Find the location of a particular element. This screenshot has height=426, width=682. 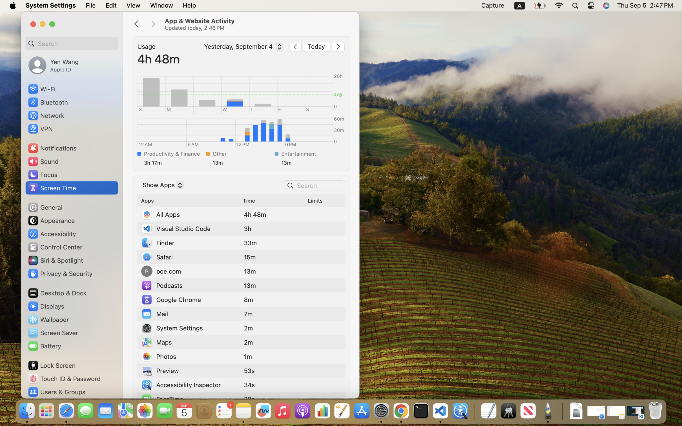

'Bluetooth' is located at coordinates (48, 102).